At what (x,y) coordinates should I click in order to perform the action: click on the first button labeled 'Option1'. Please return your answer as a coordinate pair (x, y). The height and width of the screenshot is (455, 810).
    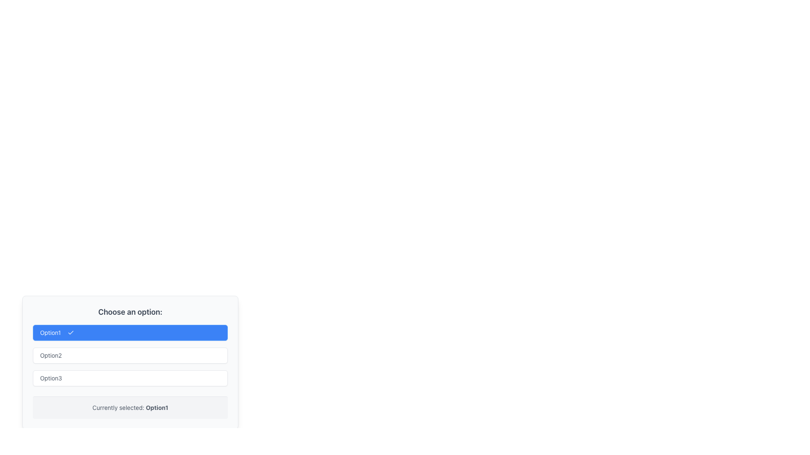
    Looking at the image, I should click on (130, 332).